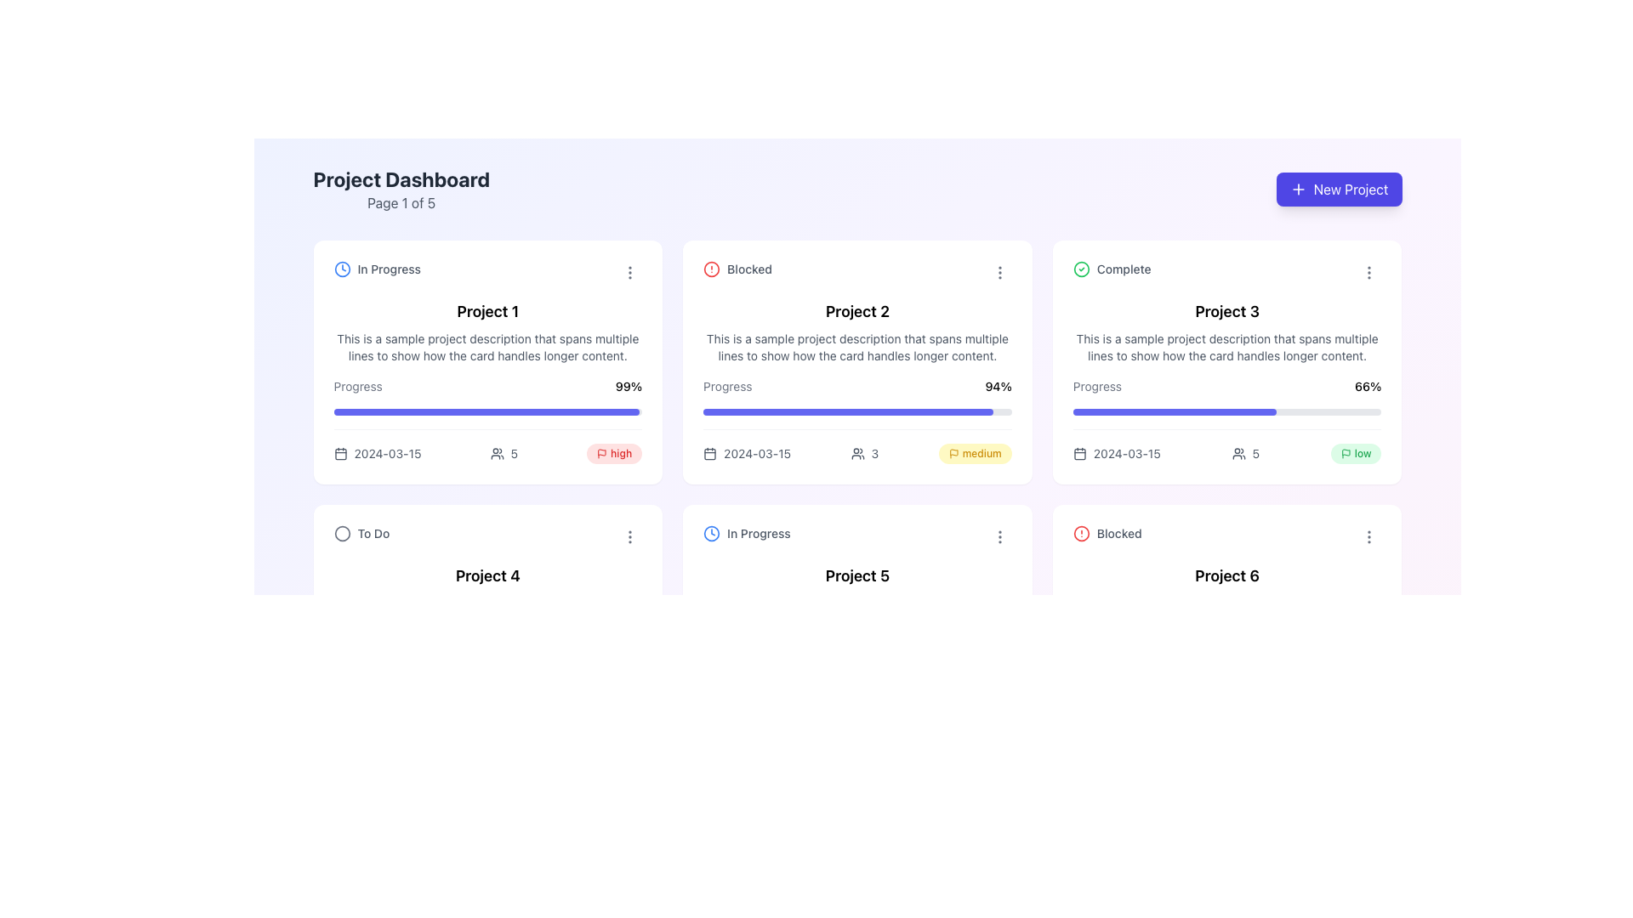  Describe the element at coordinates (999, 387) in the screenshot. I see `progress percentage value displayed in the text display element located in the 'Project 2' card, positioned towards the bottom right, adjacent to the text 'Progress'` at that location.